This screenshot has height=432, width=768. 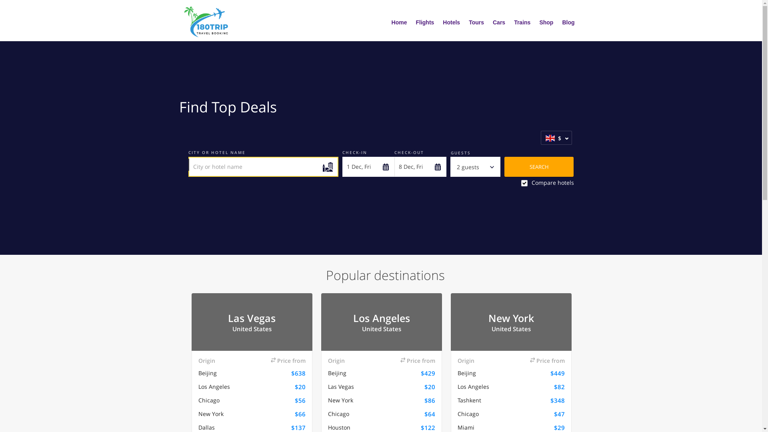 What do you see at coordinates (451, 22) in the screenshot?
I see `'Hotels'` at bounding box center [451, 22].